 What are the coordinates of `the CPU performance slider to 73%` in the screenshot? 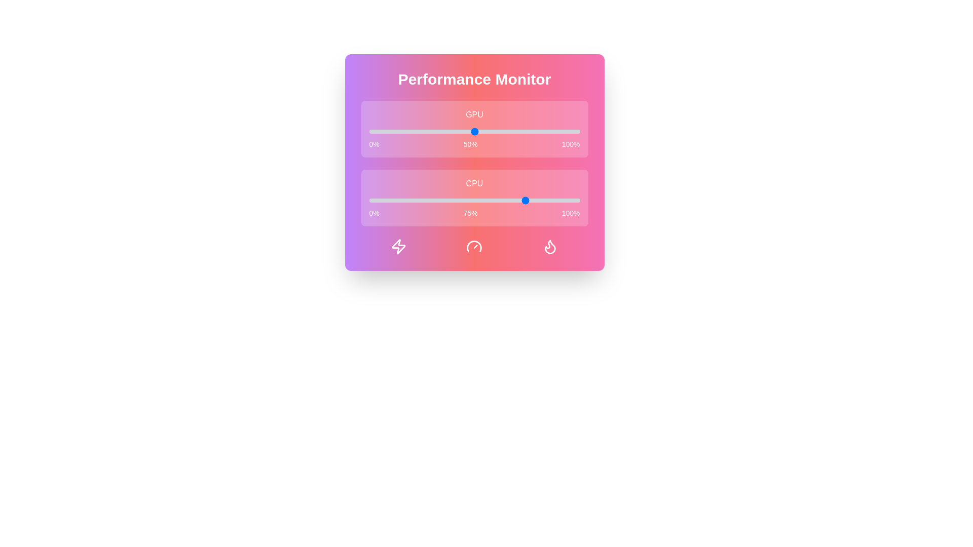 It's located at (523, 201).